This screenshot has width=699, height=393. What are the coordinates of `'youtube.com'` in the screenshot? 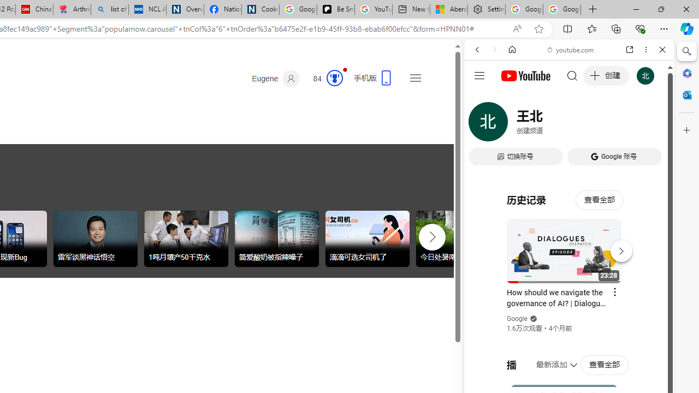 It's located at (571, 50).